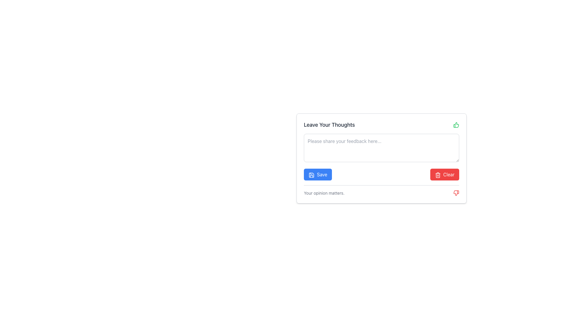 The height and width of the screenshot is (319, 567). Describe the element at coordinates (311, 174) in the screenshot. I see `the save icon, which is a graphical depiction of a floppy disk inside a blue button, located to the left of the 'Save' text in the feedback submission panel` at that location.